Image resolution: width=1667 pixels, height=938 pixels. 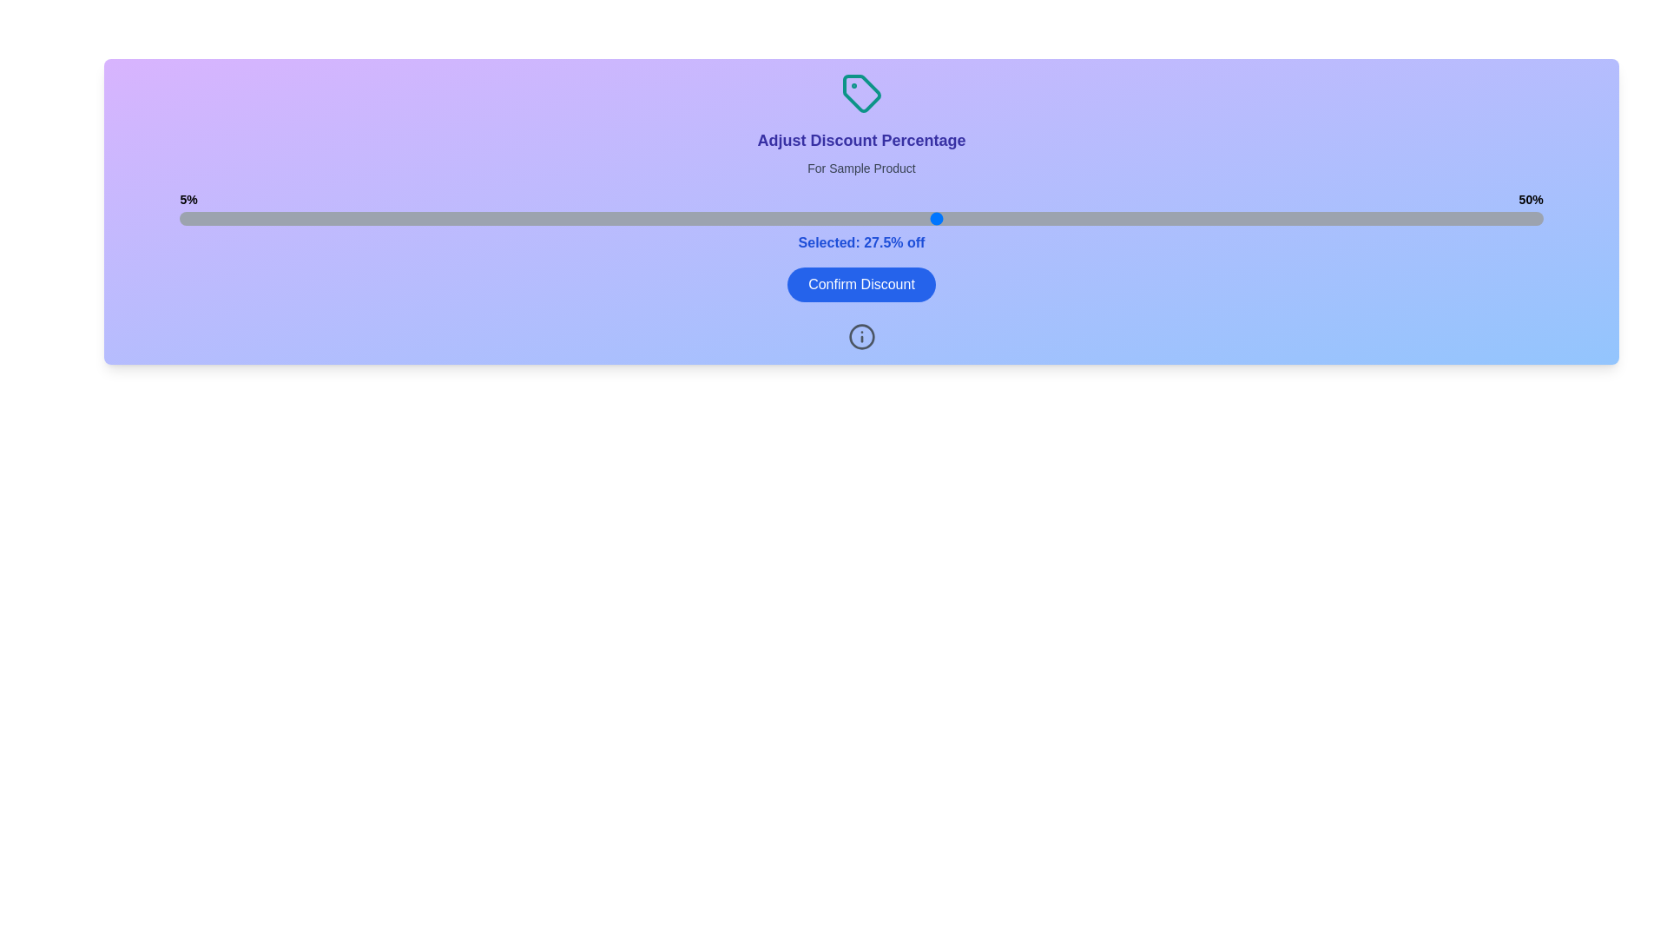 What do you see at coordinates (861, 199) in the screenshot?
I see `the text label displaying '5%' and '50%' that is horizontally centered above a gray slider bar` at bounding box center [861, 199].